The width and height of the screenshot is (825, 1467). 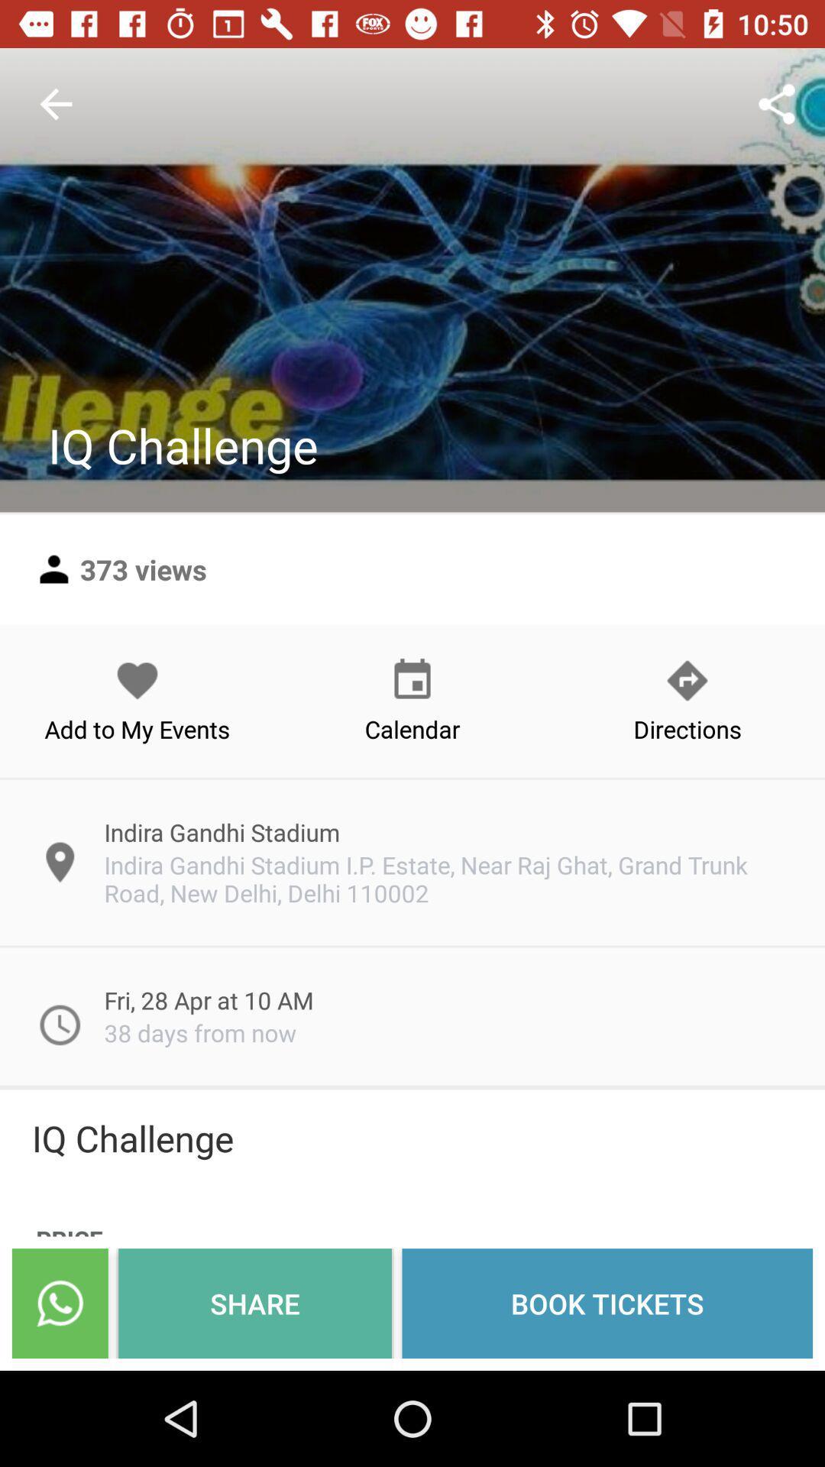 I want to click on the item below iq challenge, so click(x=607, y=1303).